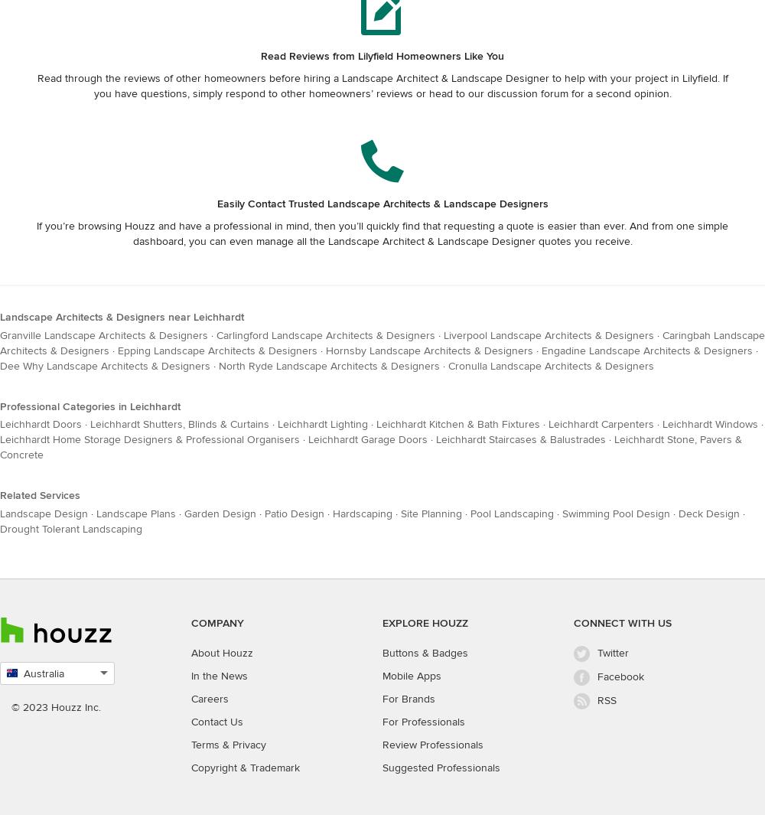 The image size is (765, 815). Describe the element at coordinates (512, 513) in the screenshot. I see `'Pool Landscaping'` at that location.